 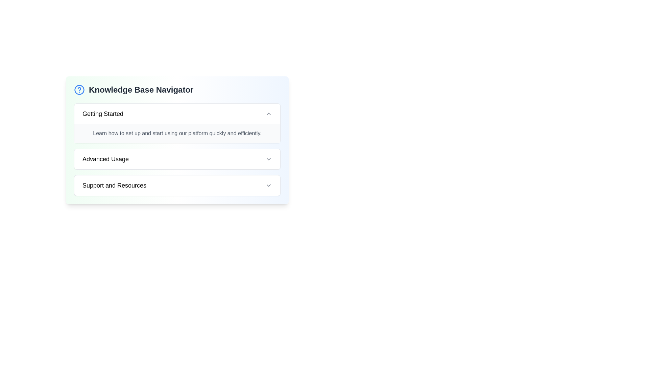 I want to click on the downward-pointing chevron icon with a gray stroke color located in the right section of the 'Support and Resources' header for visual feedback, so click(x=268, y=185).